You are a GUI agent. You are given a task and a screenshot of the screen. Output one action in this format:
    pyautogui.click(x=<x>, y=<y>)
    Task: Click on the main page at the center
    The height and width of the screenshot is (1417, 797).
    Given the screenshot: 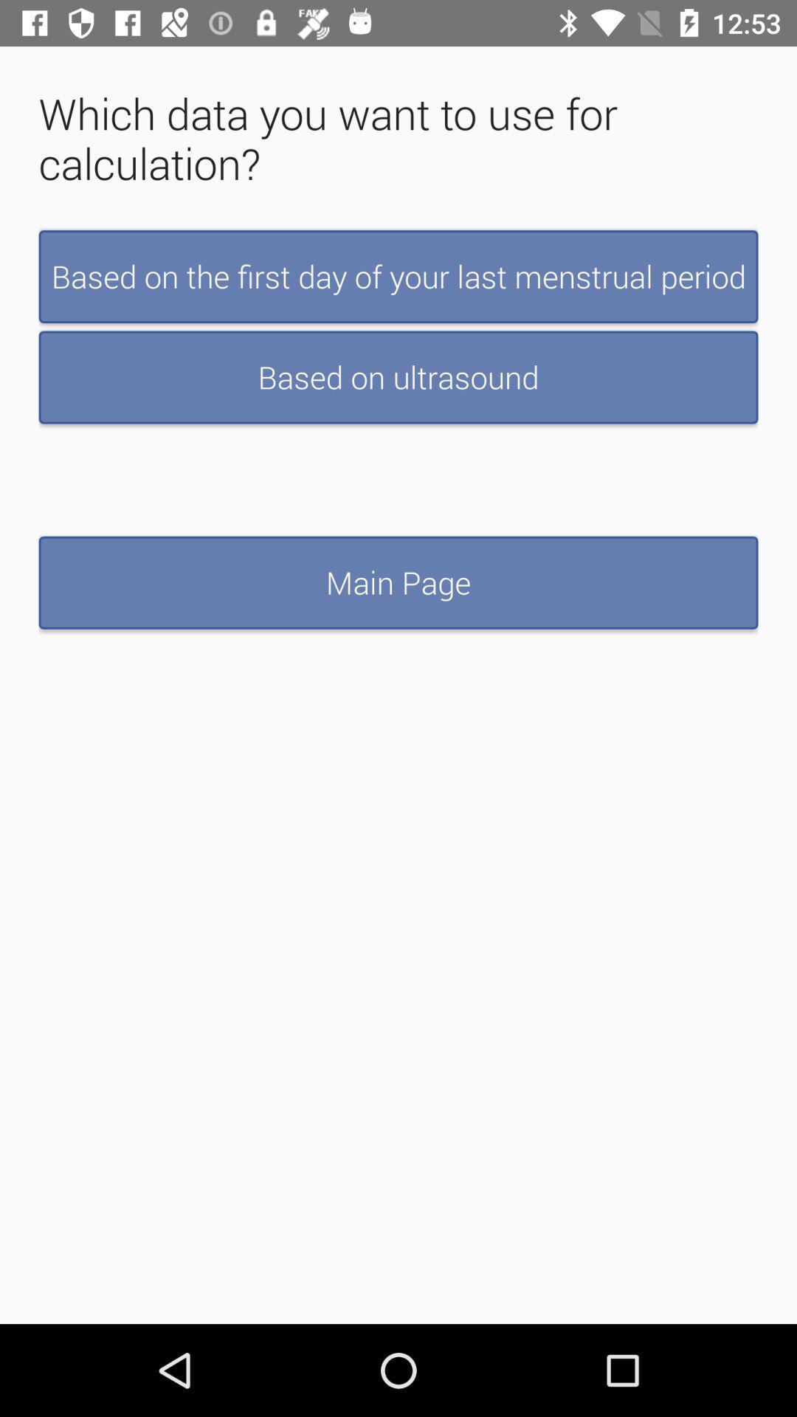 What is the action you would take?
    pyautogui.click(x=398, y=582)
    